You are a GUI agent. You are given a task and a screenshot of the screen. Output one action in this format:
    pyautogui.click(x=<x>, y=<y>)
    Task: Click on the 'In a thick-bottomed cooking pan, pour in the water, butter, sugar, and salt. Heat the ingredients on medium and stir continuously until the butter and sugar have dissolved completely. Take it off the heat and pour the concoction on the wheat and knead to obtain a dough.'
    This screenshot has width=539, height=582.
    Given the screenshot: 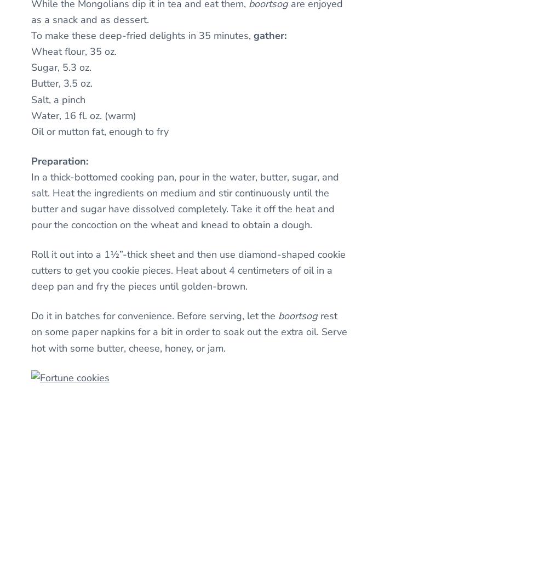 What is the action you would take?
    pyautogui.click(x=185, y=201)
    